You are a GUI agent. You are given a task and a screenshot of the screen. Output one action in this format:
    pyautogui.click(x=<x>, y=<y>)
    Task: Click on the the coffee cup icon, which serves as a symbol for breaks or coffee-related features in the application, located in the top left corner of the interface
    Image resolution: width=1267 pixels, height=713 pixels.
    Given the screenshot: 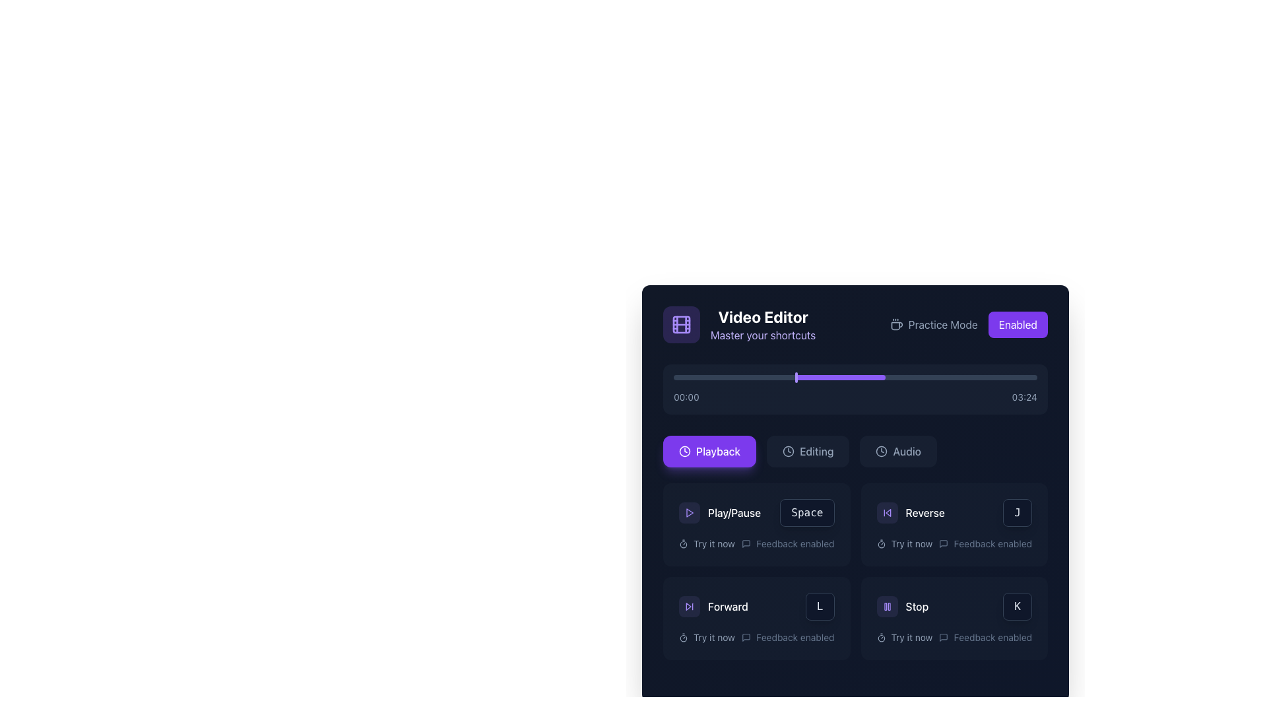 What is the action you would take?
    pyautogui.click(x=897, y=326)
    